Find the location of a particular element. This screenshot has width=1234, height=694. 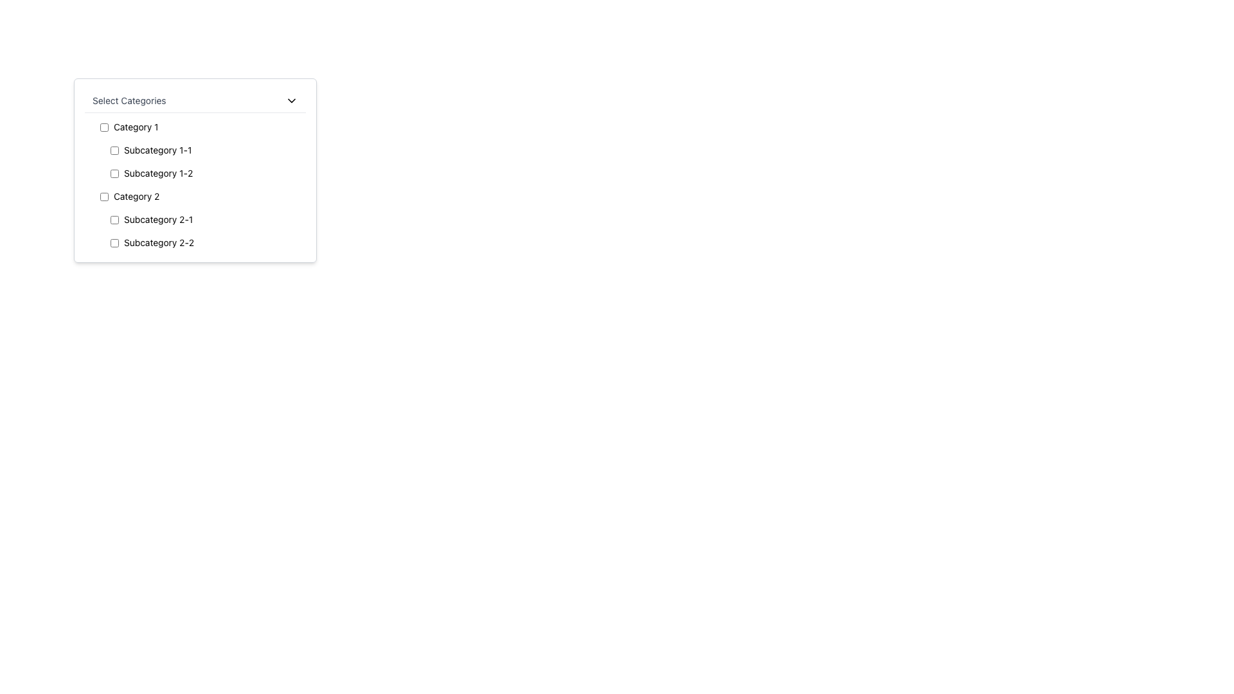

the checkbox located to the left of the label 'Subcategory 1-1' is located at coordinates (114, 150).